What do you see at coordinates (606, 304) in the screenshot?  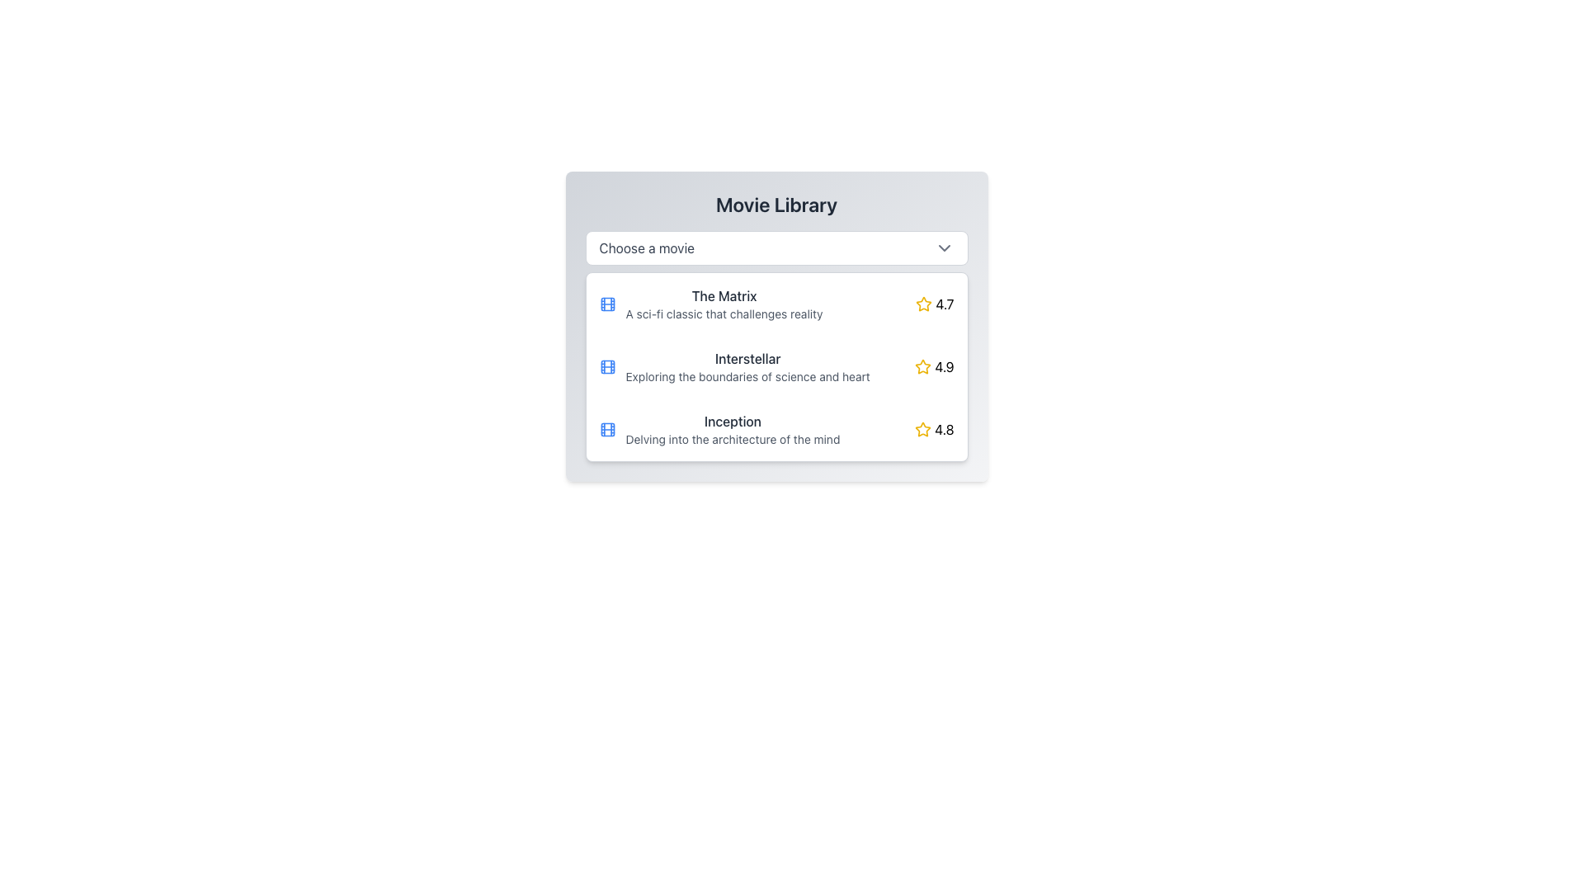 I see `the decorative film strip icon located at the top-left corner of the first movie item in the vertical list` at bounding box center [606, 304].